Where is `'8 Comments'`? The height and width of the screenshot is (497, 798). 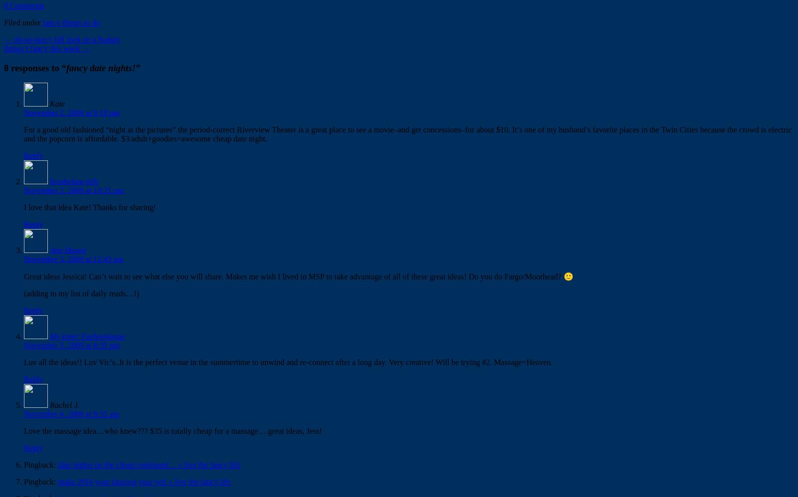 '8 Comments' is located at coordinates (3, 5).